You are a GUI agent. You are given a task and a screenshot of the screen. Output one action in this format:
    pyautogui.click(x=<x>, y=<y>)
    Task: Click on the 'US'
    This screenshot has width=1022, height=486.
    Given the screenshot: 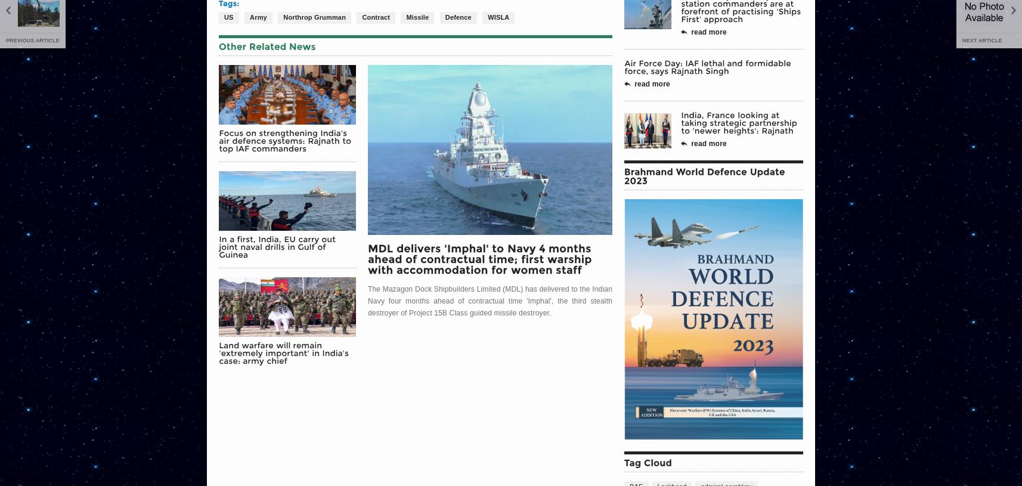 What is the action you would take?
    pyautogui.click(x=224, y=16)
    